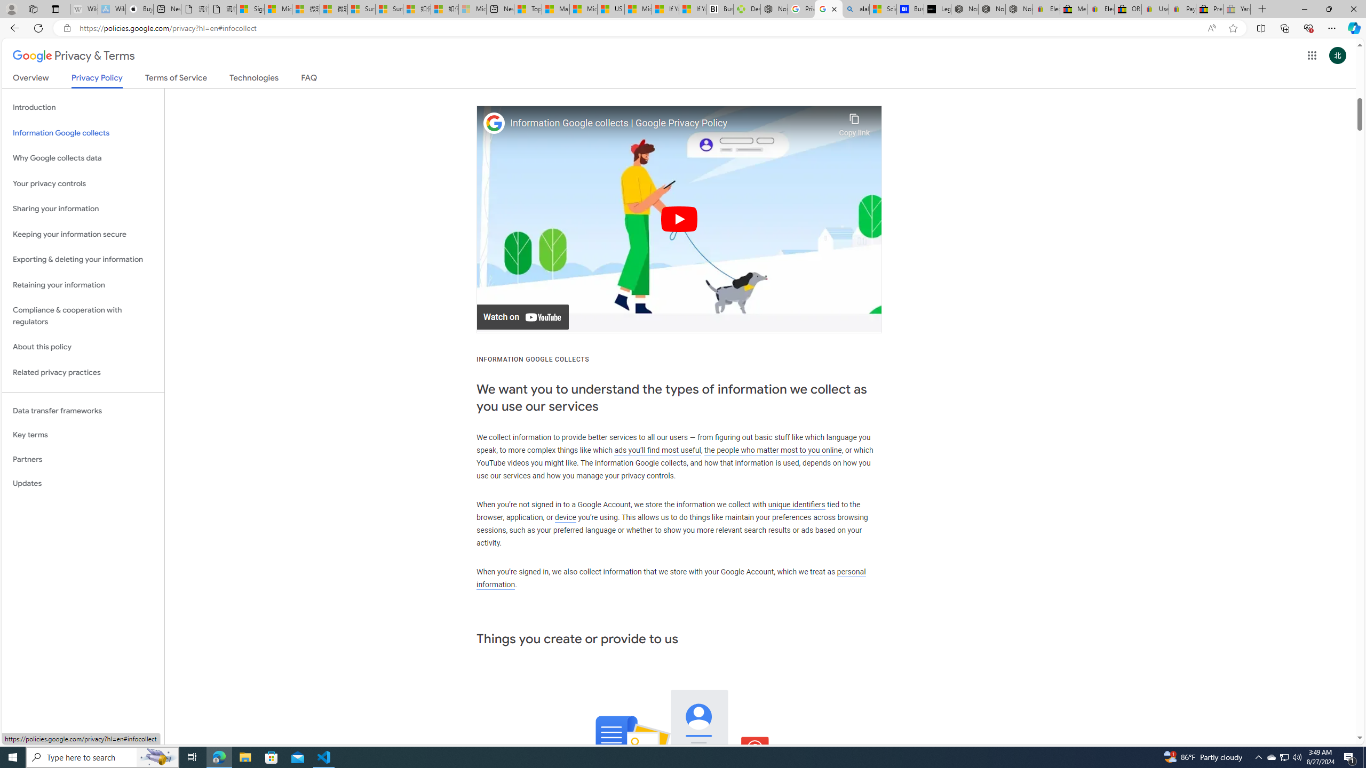 This screenshot has width=1366, height=768. I want to click on 'Payments Terms of Use | eBay.com', so click(1181, 9).